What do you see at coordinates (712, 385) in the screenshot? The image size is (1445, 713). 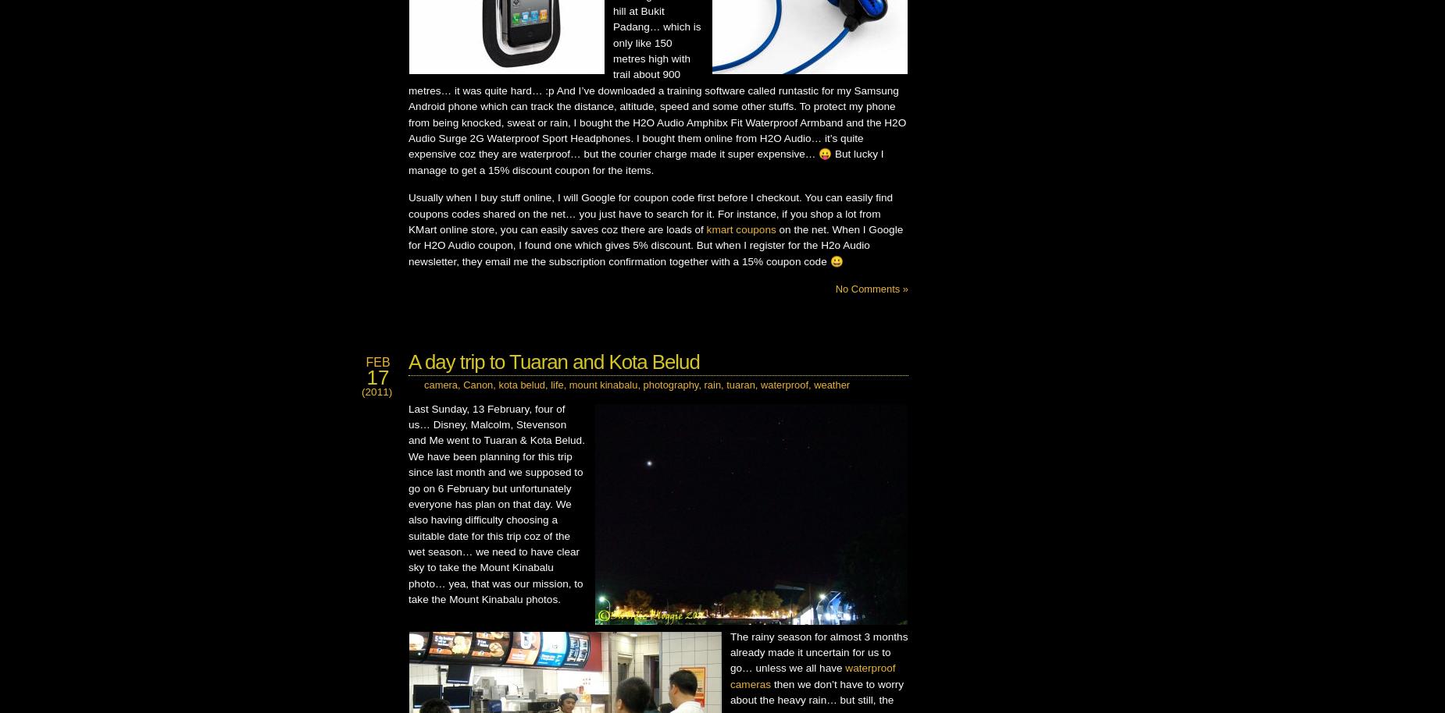 I see `'rain'` at bounding box center [712, 385].